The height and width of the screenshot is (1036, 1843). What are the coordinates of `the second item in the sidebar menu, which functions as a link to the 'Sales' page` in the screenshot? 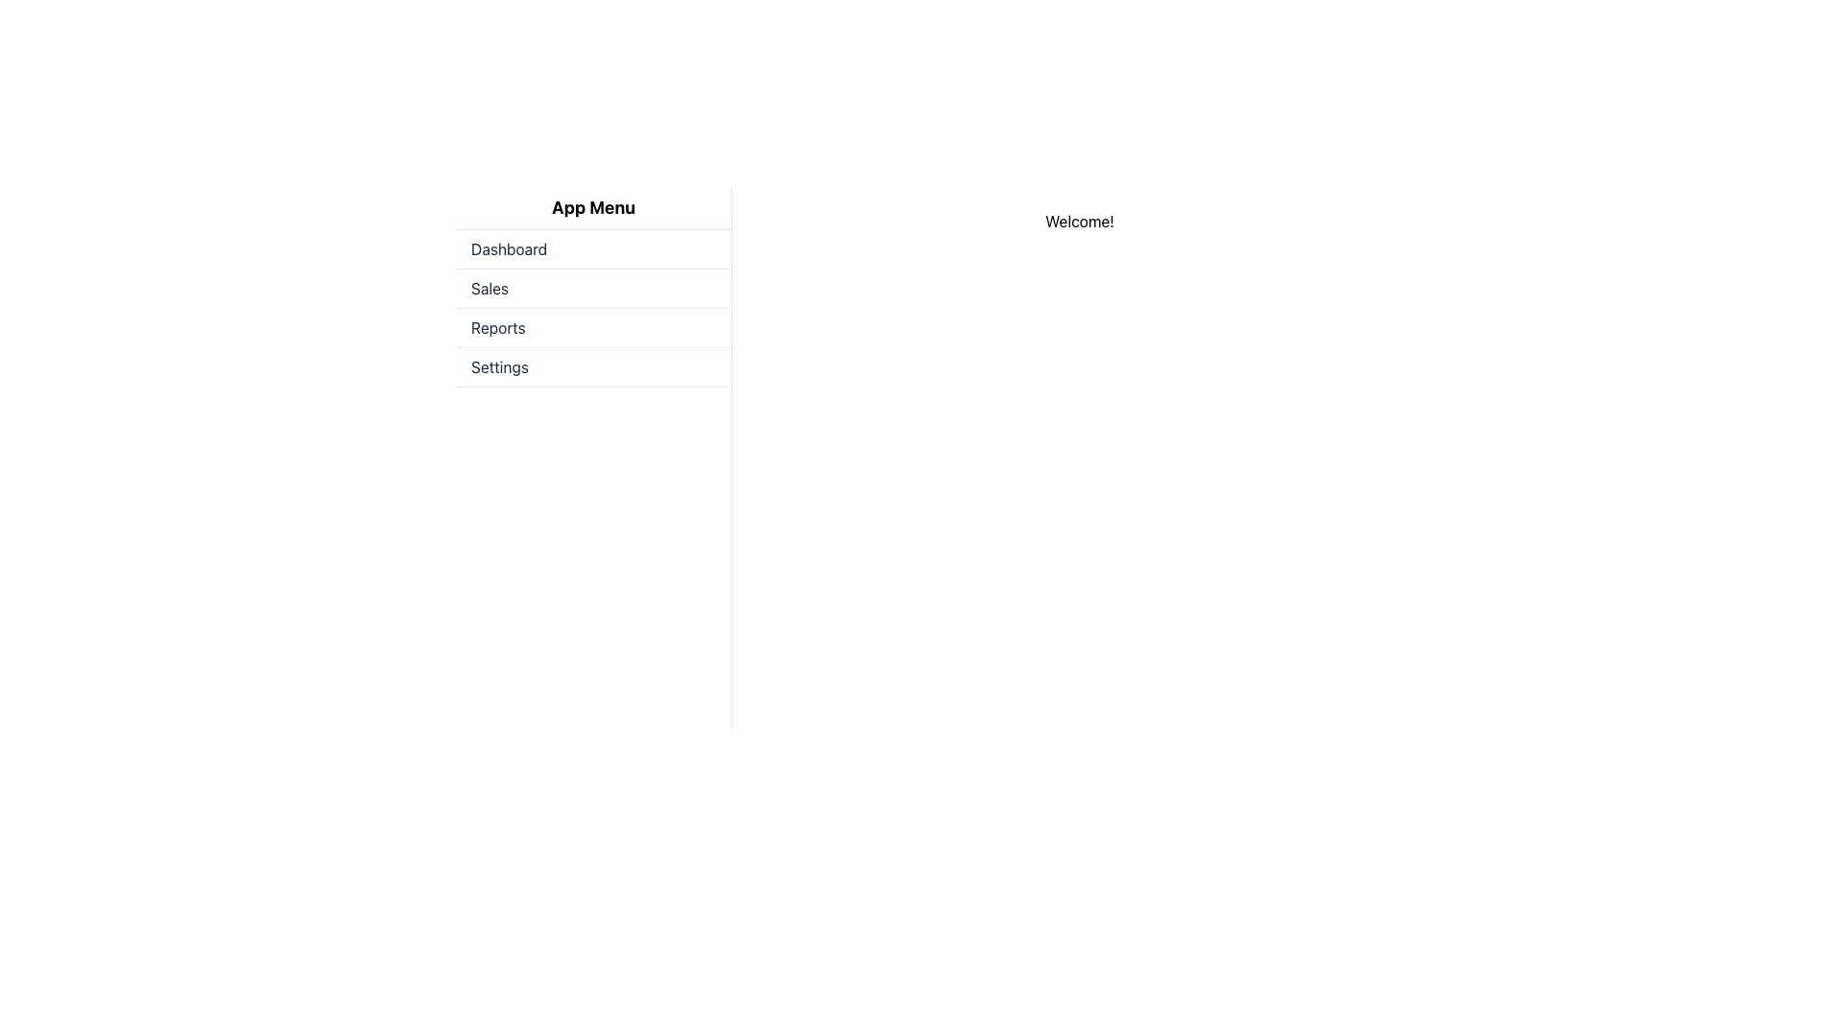 It's located at (592, 289).